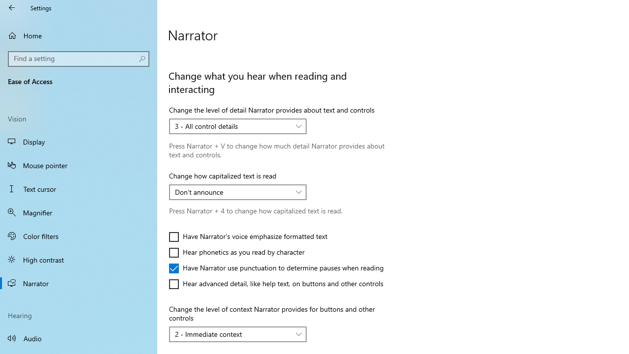  Describe the element at coordinates (79, 59) in the screenshot. I see `'Search box, Find a setting'` at that location.